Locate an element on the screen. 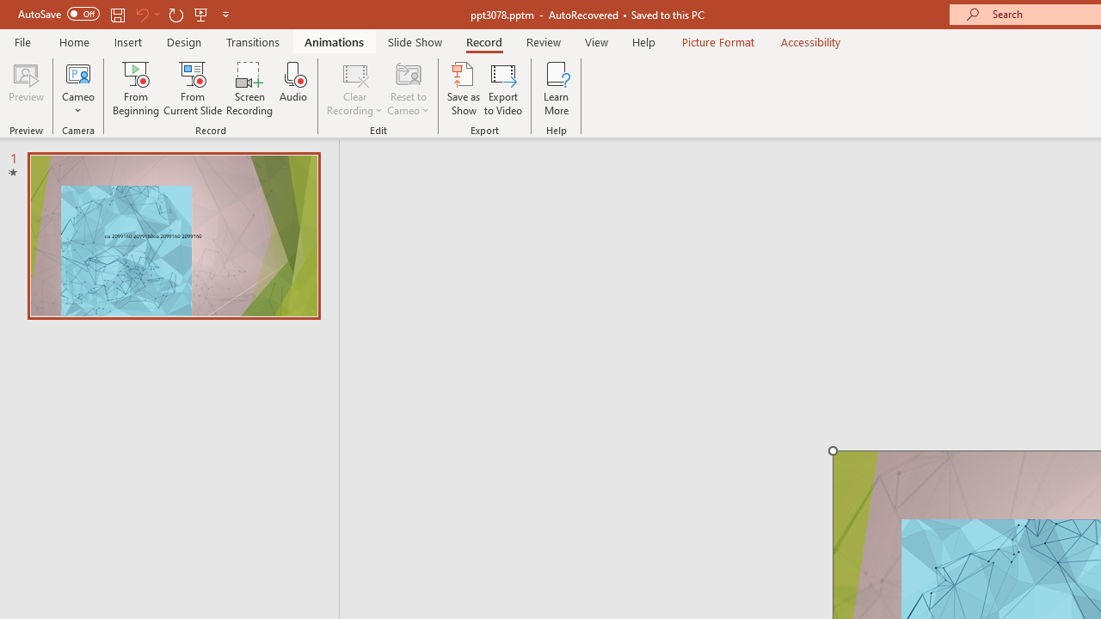 The width and height of the screenshot is (1101, 619). 'Picture Format' is located at coordinates (718, 41).